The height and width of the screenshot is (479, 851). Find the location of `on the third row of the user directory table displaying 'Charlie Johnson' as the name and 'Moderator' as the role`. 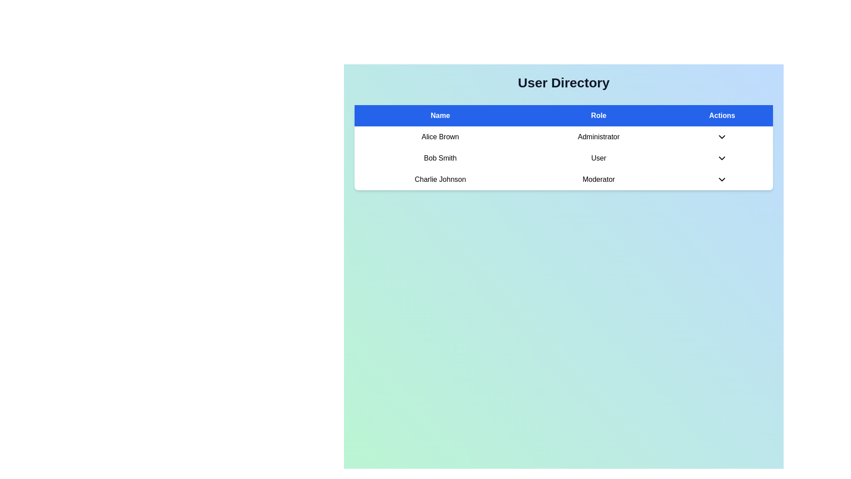

on the third row of the user directory table displaying 'Charlie Johnson' as the name and 'Moderator' as the role is located at coordinates (563, 180).